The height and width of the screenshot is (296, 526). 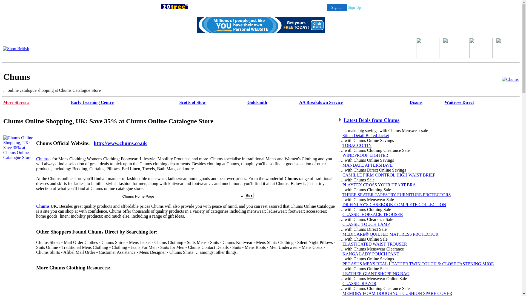 I want to click on 'TOBACCO TIN', so click(x=357, y=145).